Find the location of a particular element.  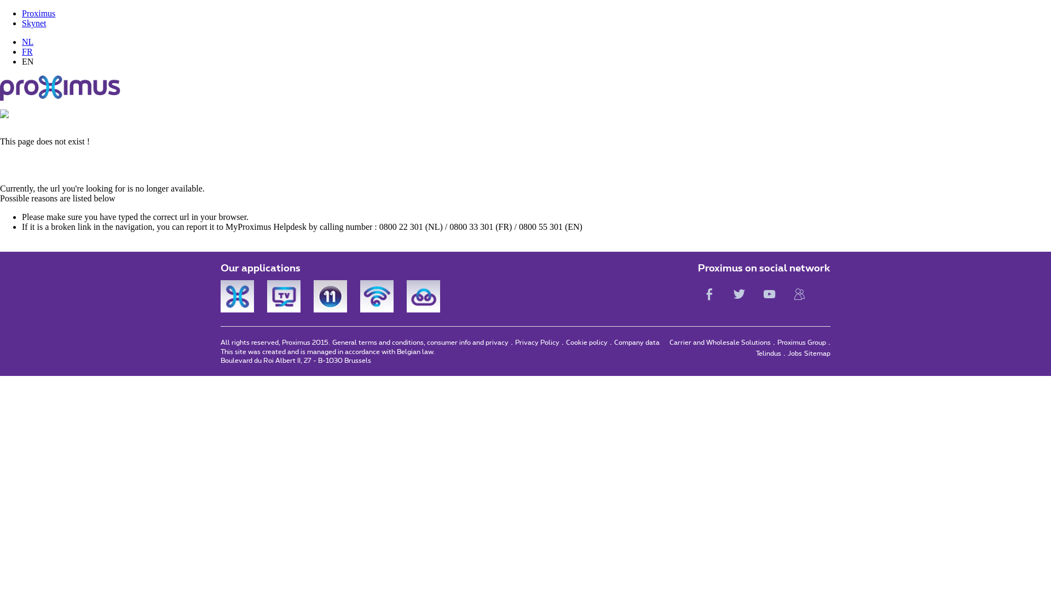

'FR' is located at coordinates (27, 51).